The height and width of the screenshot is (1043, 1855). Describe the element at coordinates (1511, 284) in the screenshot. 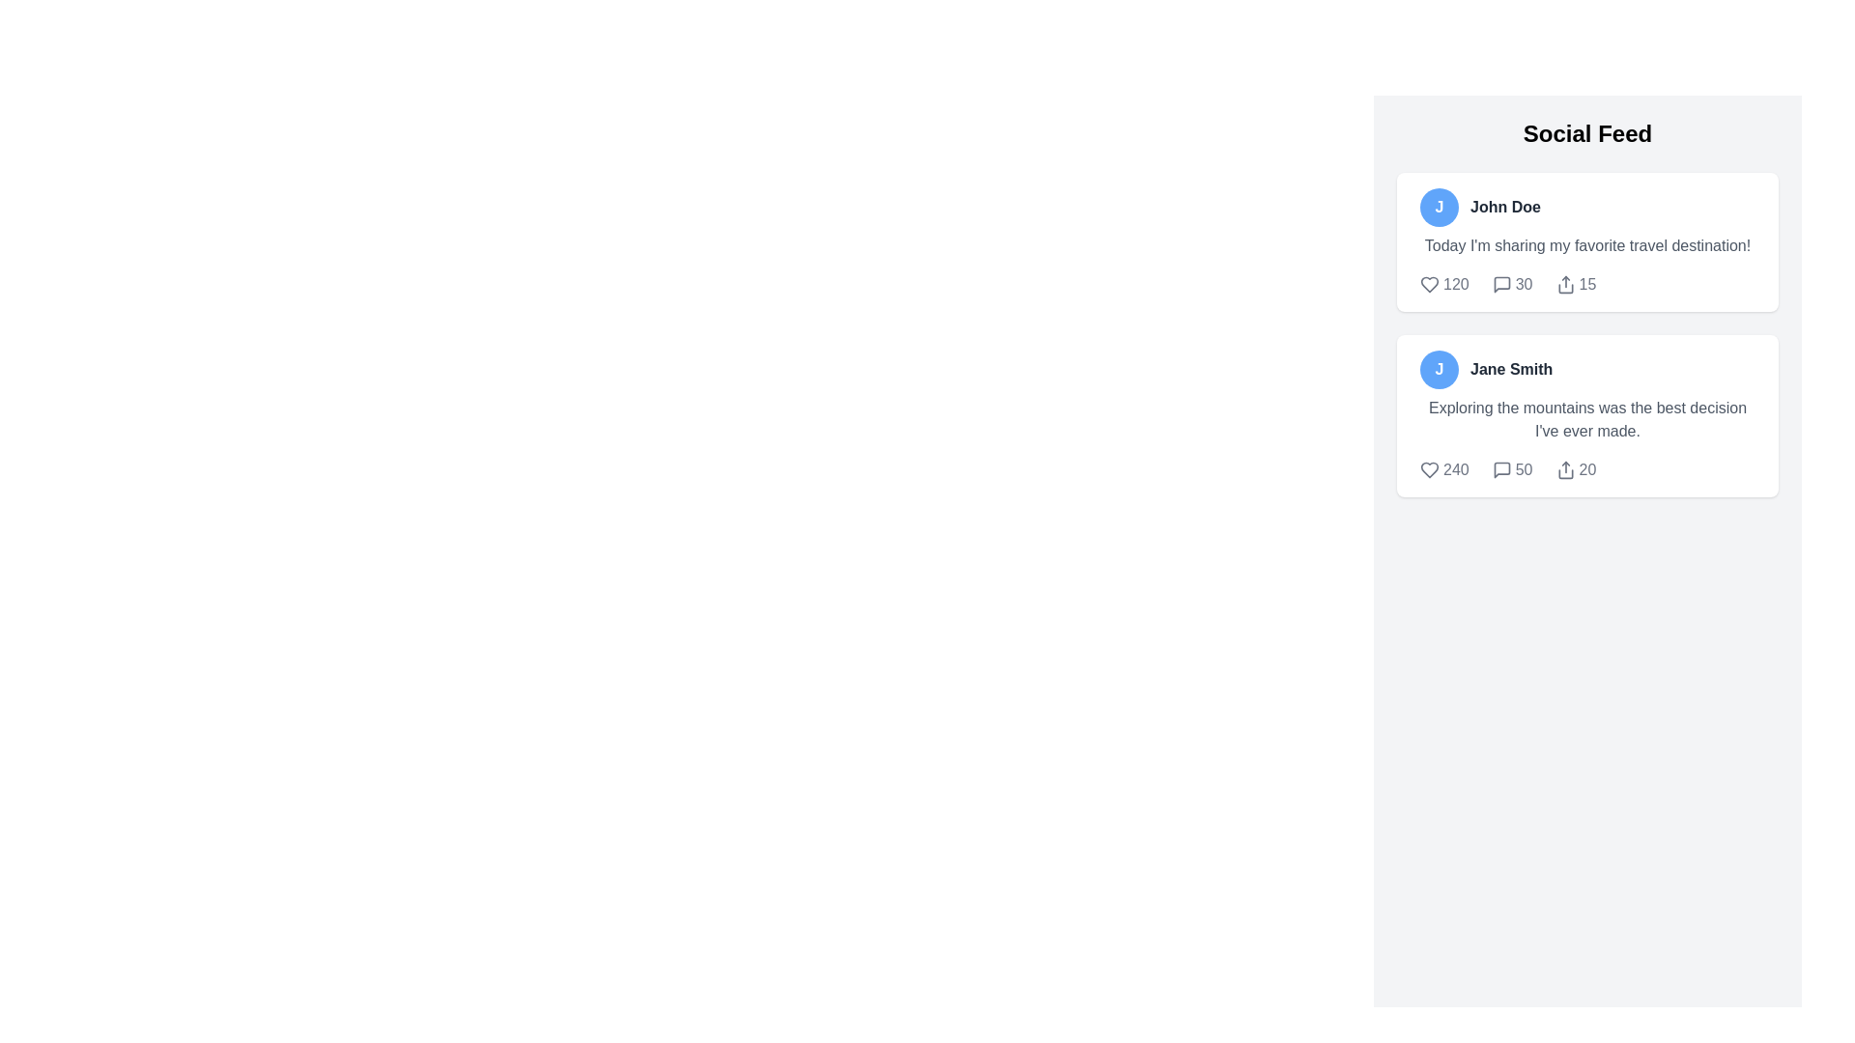

I see `the interactive display component that shows the count of comments on the first post of the social feed` at that location.